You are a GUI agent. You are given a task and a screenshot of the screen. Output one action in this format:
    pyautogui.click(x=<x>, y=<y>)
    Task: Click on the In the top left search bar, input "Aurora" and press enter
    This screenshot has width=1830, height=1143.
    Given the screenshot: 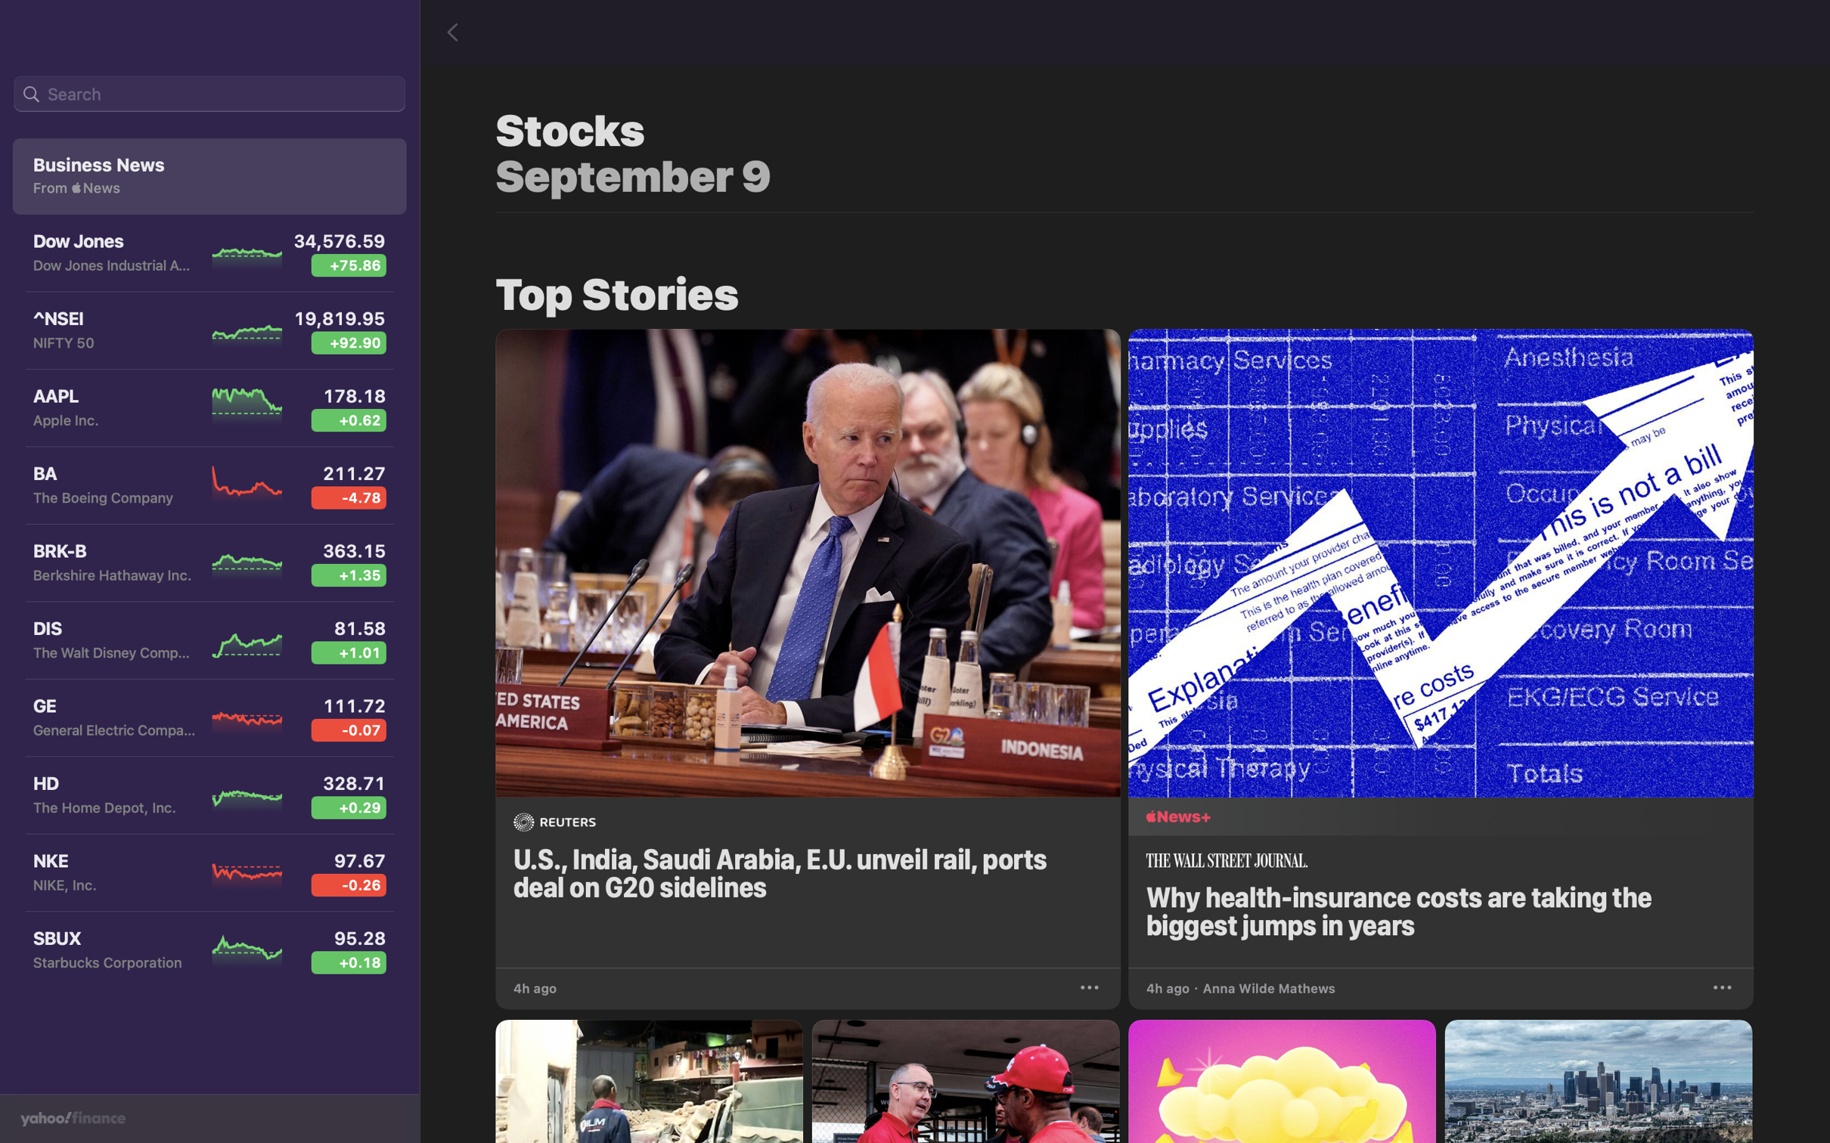 What is the action you would take?
    pyautogui.click(x=209, y=94)
    